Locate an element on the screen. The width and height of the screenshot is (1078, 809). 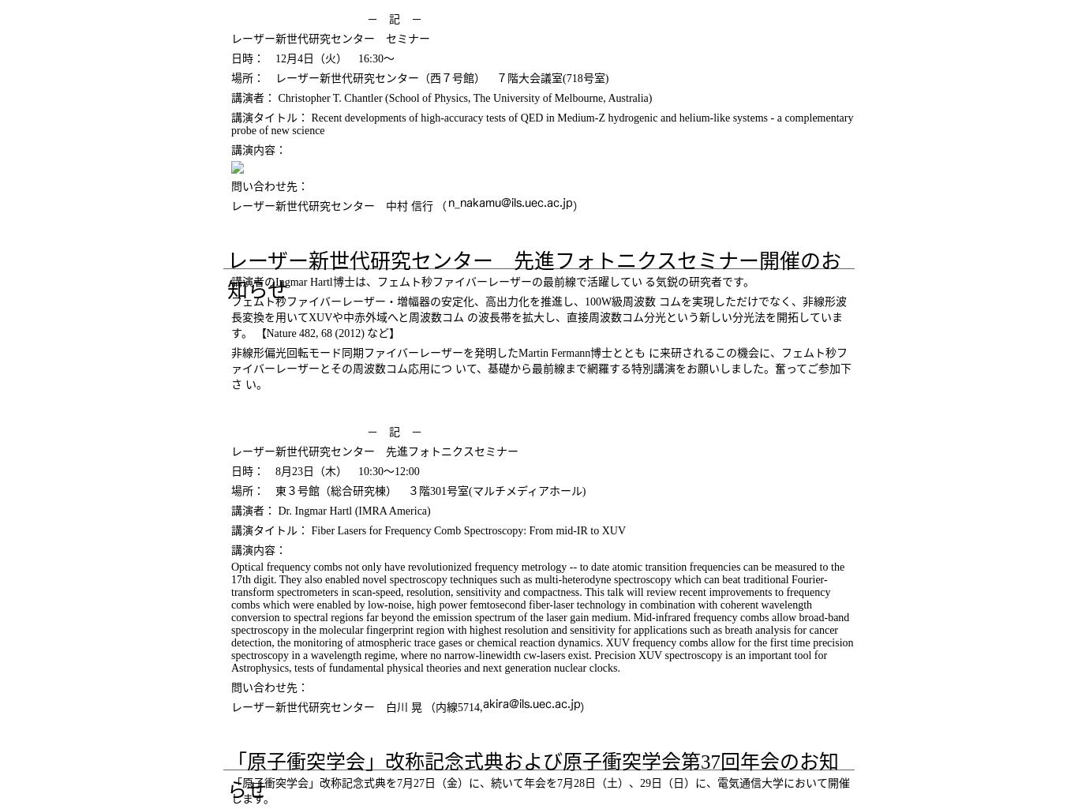
'日時：　12月4日（火）　16:30～' is located at coordinates (312, 58).